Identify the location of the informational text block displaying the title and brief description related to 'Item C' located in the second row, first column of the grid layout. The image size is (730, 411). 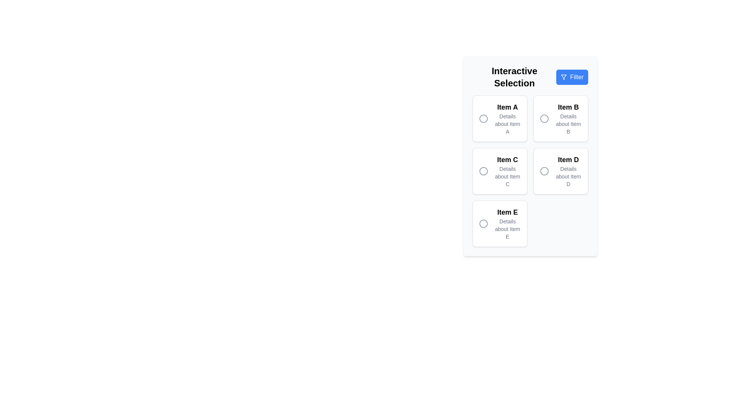
(507, 171).